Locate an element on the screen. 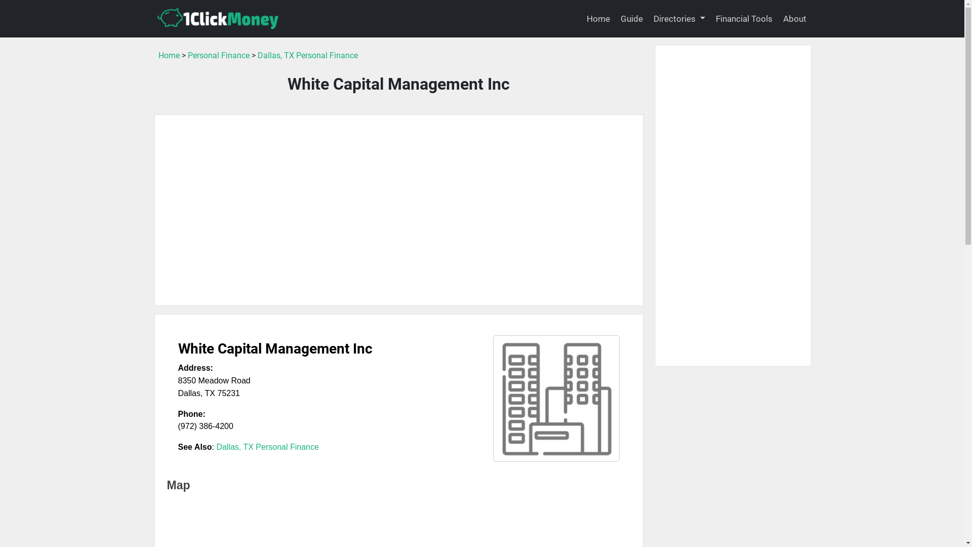  'Guide' is located at coordinates (631, 19).